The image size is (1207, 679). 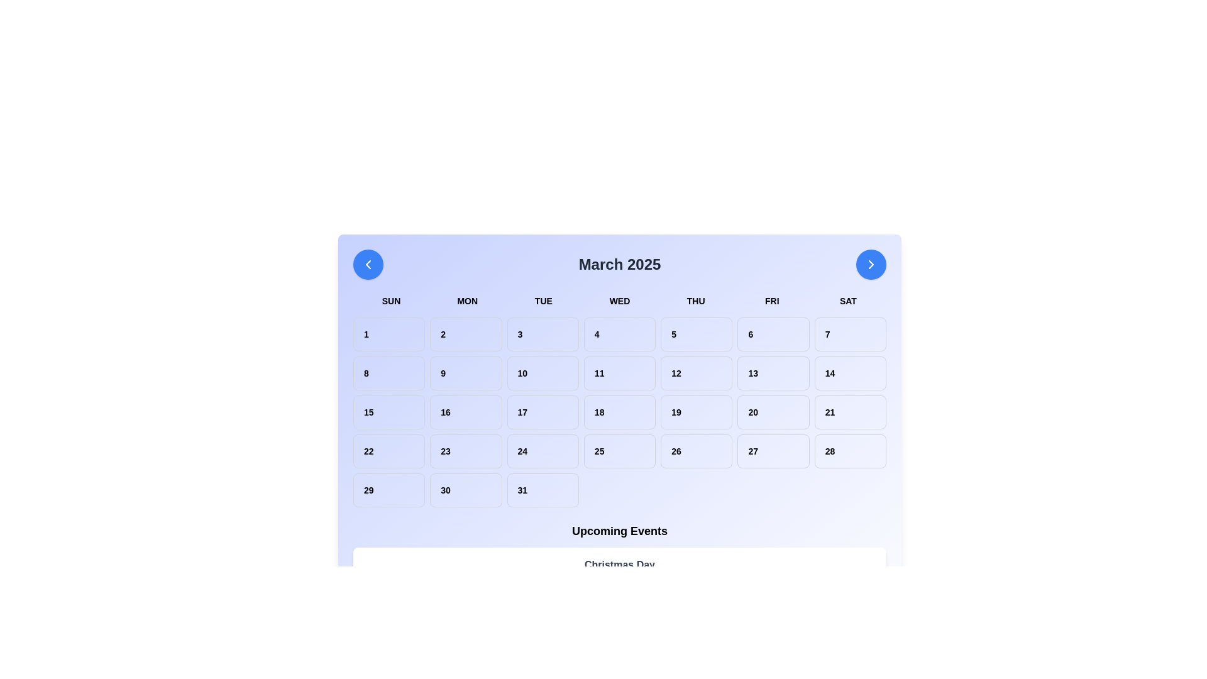 I want to click on the calendar date cell representing the day '18' in the fourth column of the third row, so click(x=619, y=412).